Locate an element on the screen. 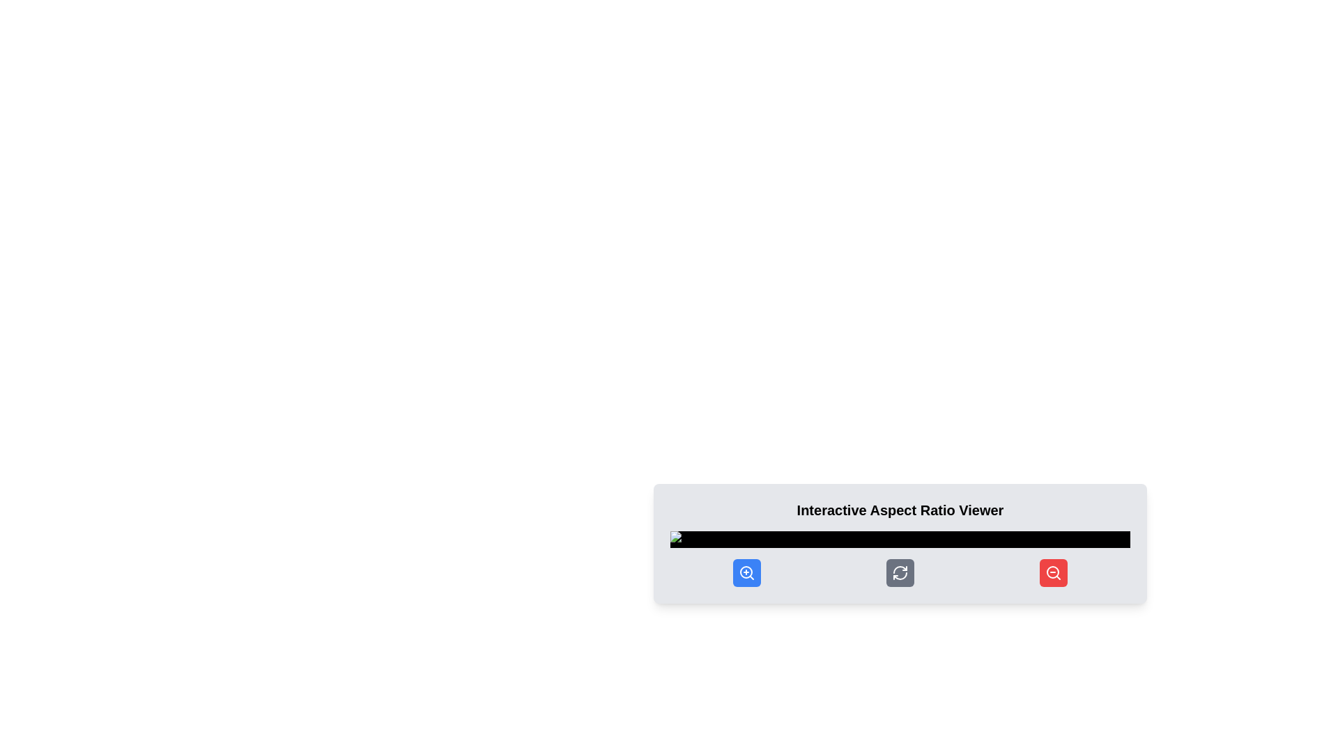 Image resolution: width=1338 pixels, height=752 pixels. the circular zoom-in icon button with a plus sign at its center, which has a blue background and is prominently displayed at the bottom of the toolbar is located at coordinates (746, 572).